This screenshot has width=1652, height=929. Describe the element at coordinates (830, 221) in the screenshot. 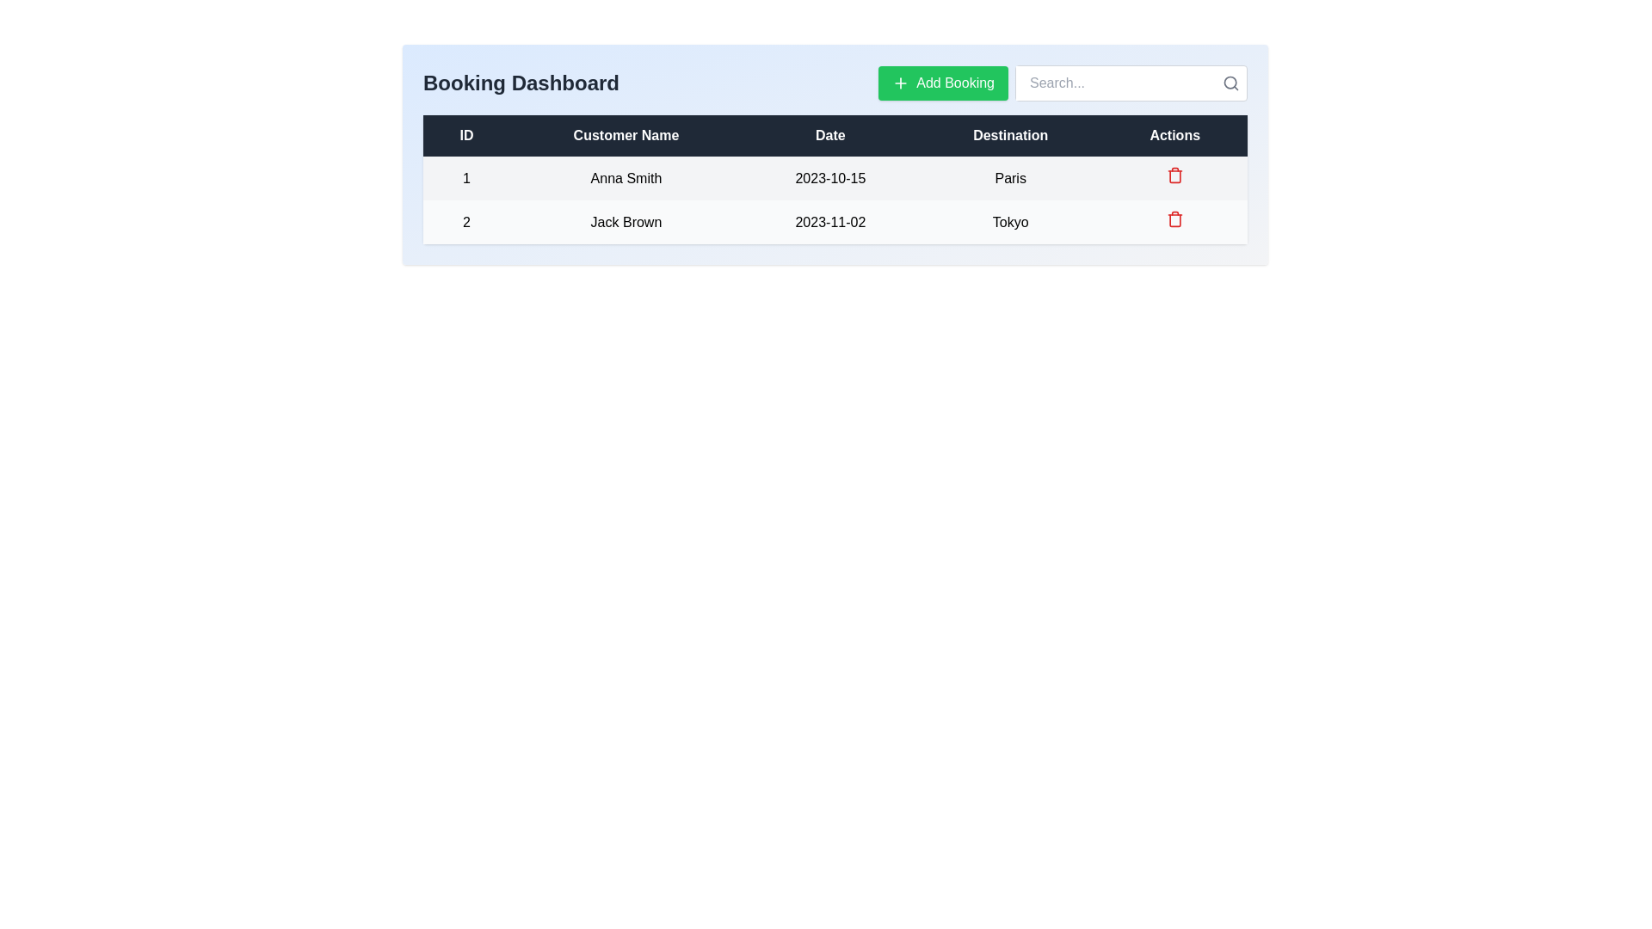

I see `the text label displaying '2023-11-02', which is located in the 'Date' column of the table for 'Jack Brown'` at that location.